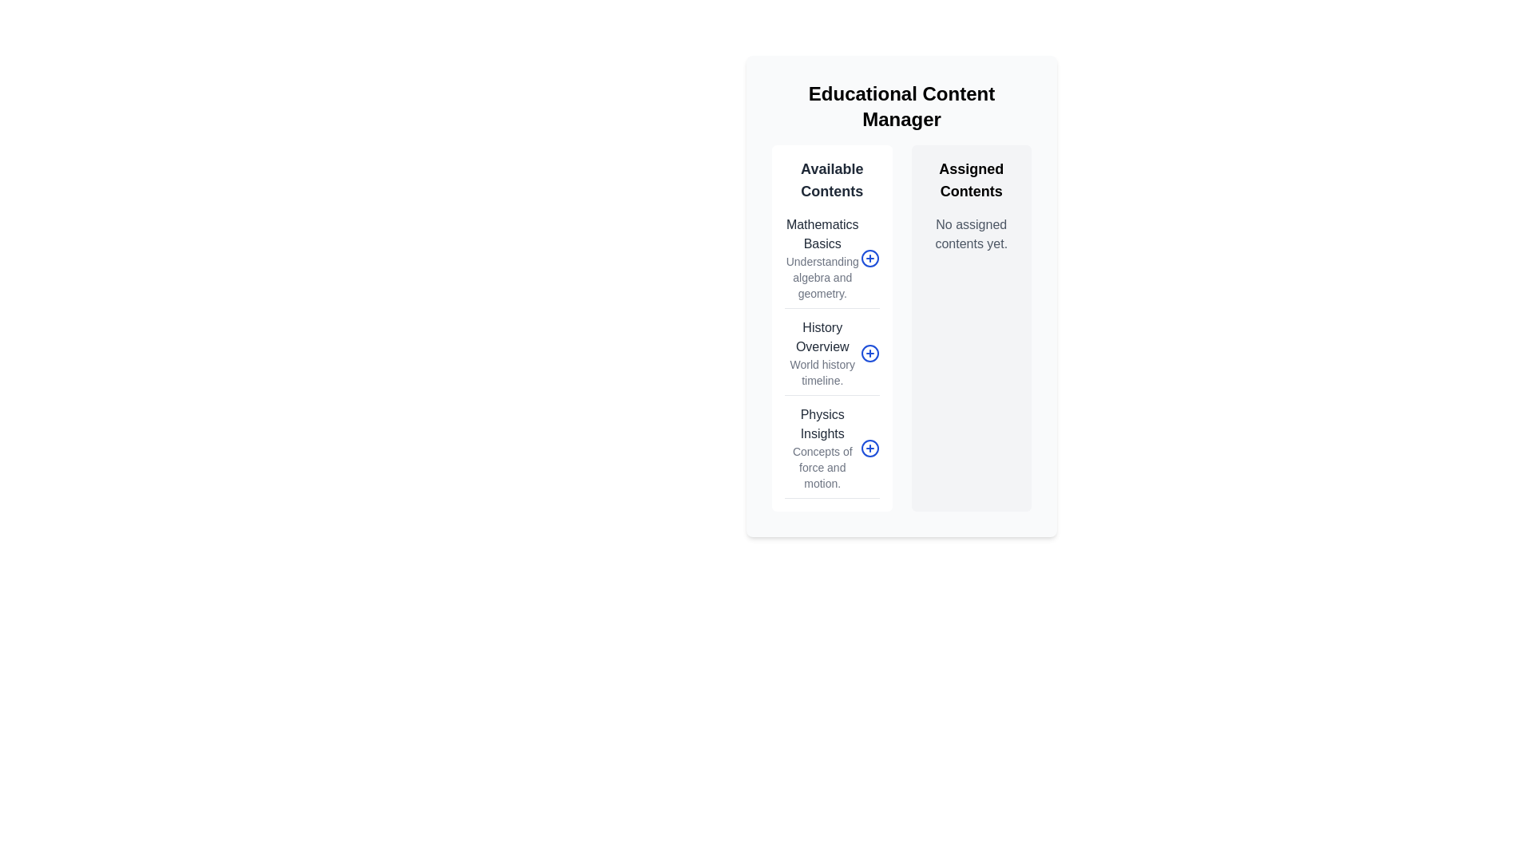 The image size is (1533, 862). I want to click on the informational text label element located beneath the 'Mathematics Basics' title in the 'Available Contents' column, so click(822, 276).